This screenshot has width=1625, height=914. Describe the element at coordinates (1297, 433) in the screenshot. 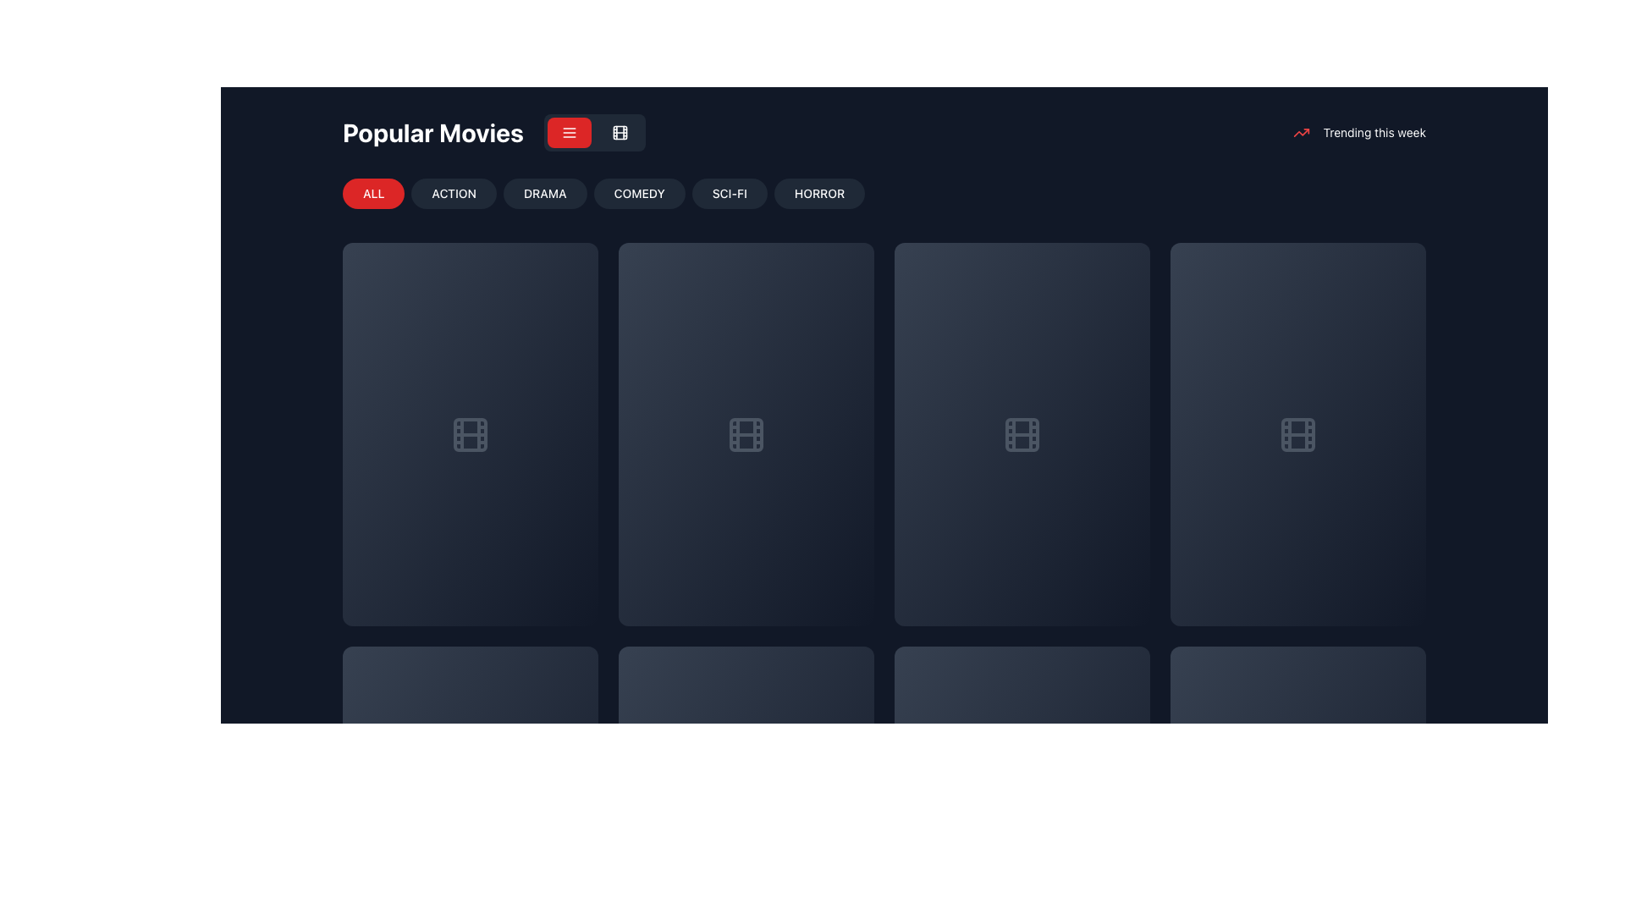

I see `the card-like component with a dark gray background and a centered film strip icon, located as the fourth card` at that location.